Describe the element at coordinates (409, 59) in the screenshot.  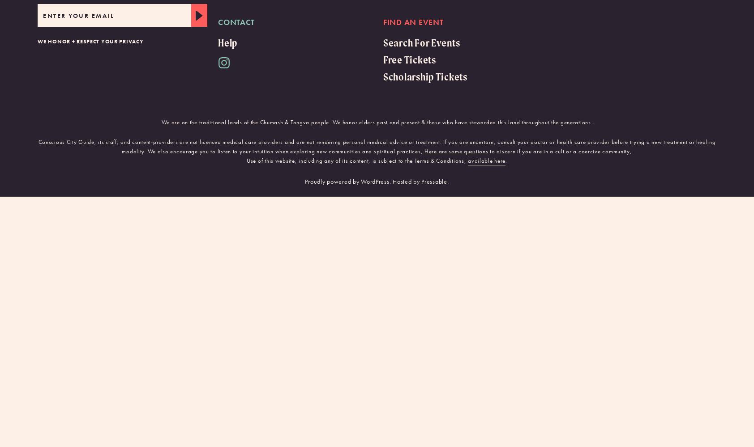
I see `'Free Tickets'` at that location.